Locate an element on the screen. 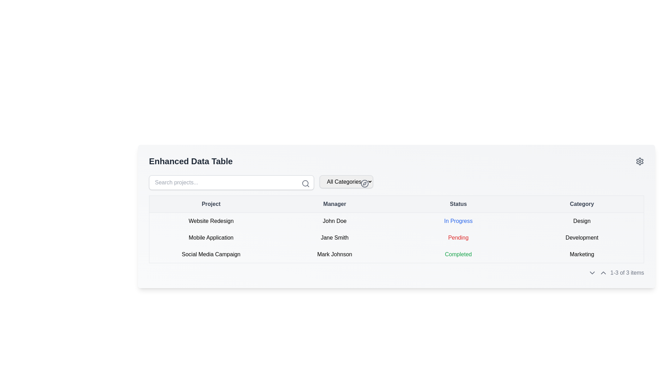 This screenshot has height=375, width=667. the text label displaying the name of the project, which is the first element in its row within the table is located at coordinates (211, 221).